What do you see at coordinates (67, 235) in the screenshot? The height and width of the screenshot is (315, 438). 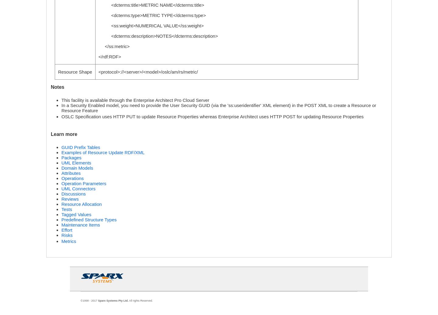 I see `'Risks'` at bounding box center [67, 235].